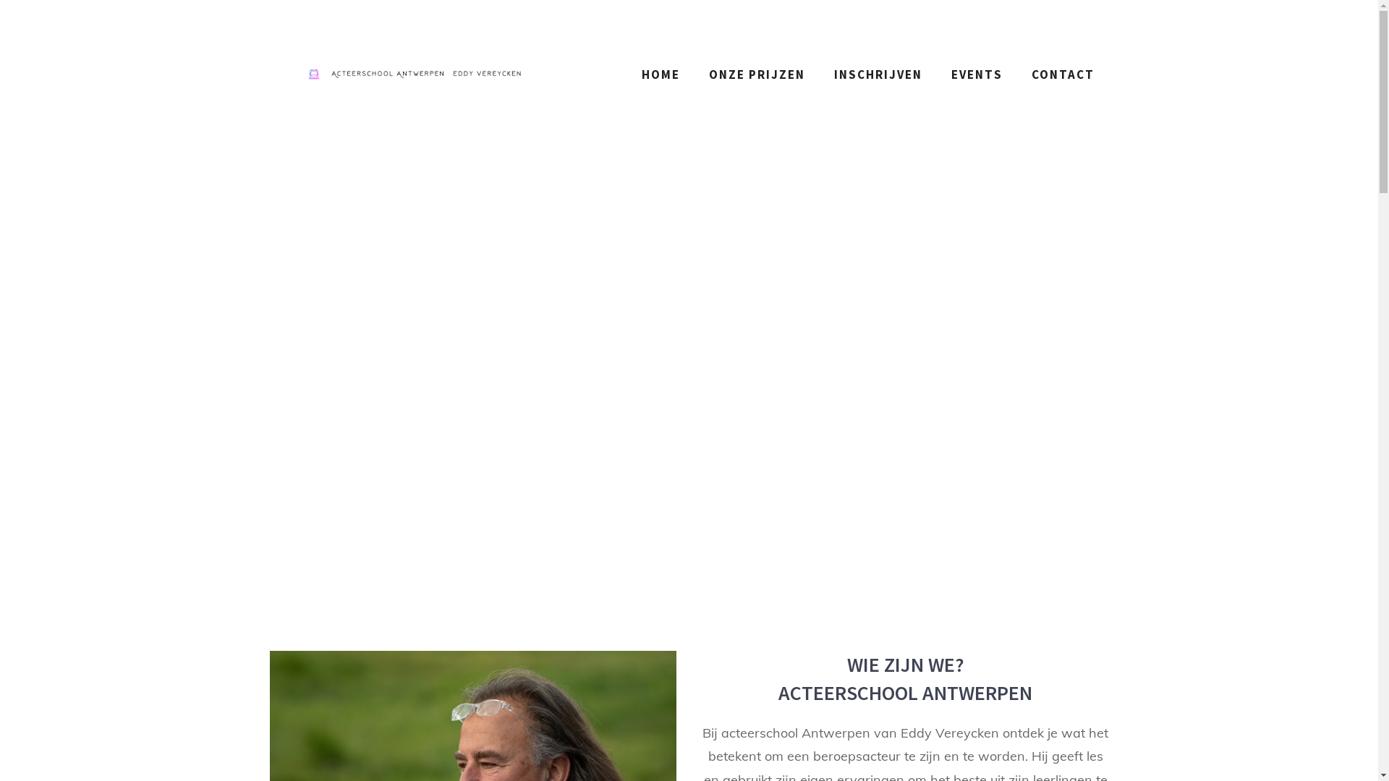  What do you see at coordinates (936, 74) in the screenshot?
I see `'EVENTS'` at bounding box center [936, 74].